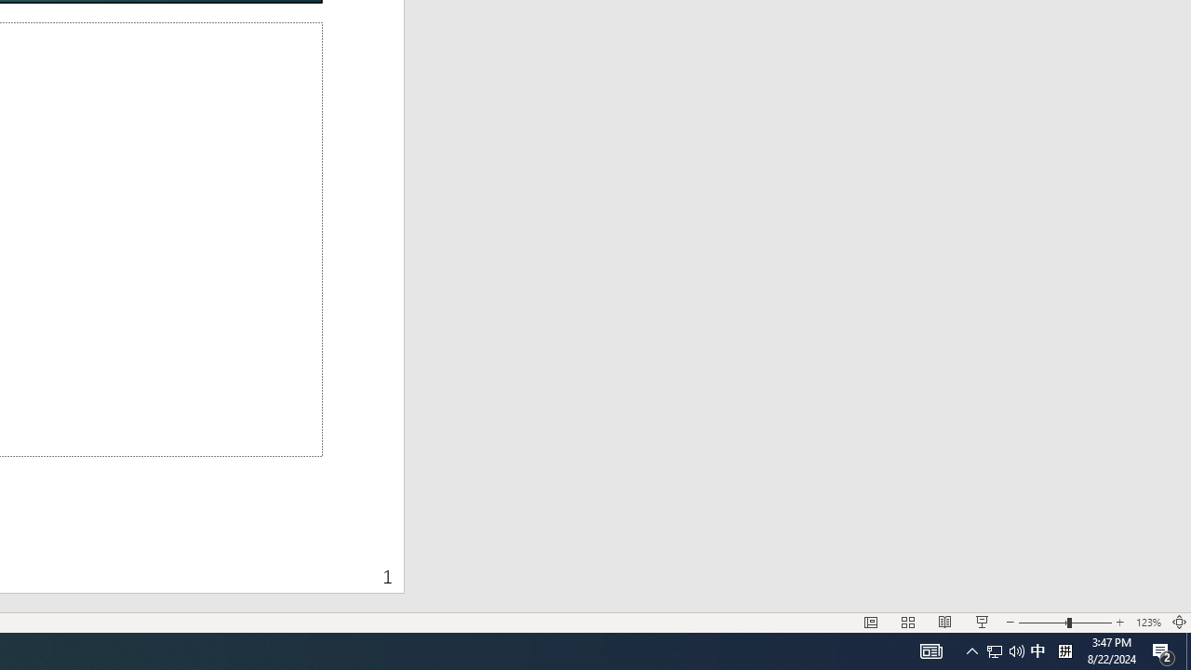 The width and height of the screenshot is (1191, 670). I want to click on 'Zoom to Fit ', so click(1178, 623).